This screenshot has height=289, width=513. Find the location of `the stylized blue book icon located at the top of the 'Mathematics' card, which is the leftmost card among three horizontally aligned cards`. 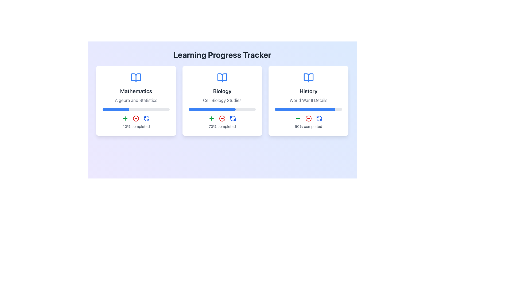

the stylized blue book icon located at the top of the 'Mathematics' card, which is the leftmost card among three horizontally aligned cards is located at coordinates (136, 78).